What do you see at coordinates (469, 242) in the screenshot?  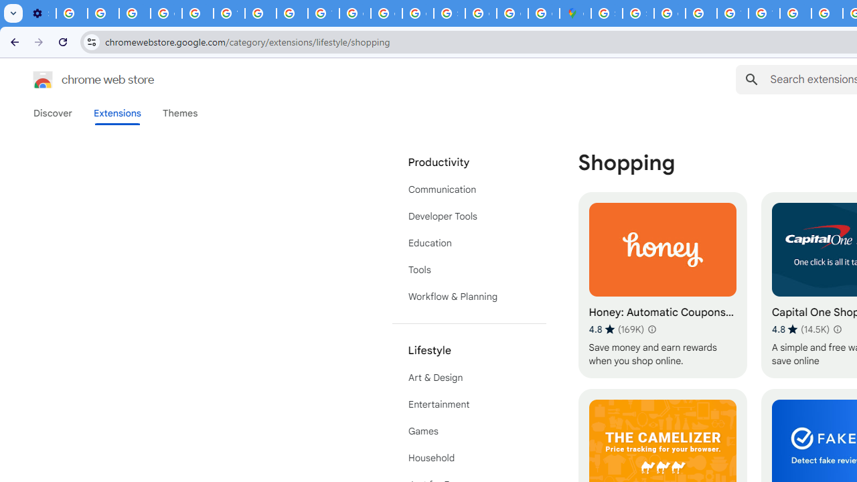 I see `'Education'` at bounding box center [469, 242].